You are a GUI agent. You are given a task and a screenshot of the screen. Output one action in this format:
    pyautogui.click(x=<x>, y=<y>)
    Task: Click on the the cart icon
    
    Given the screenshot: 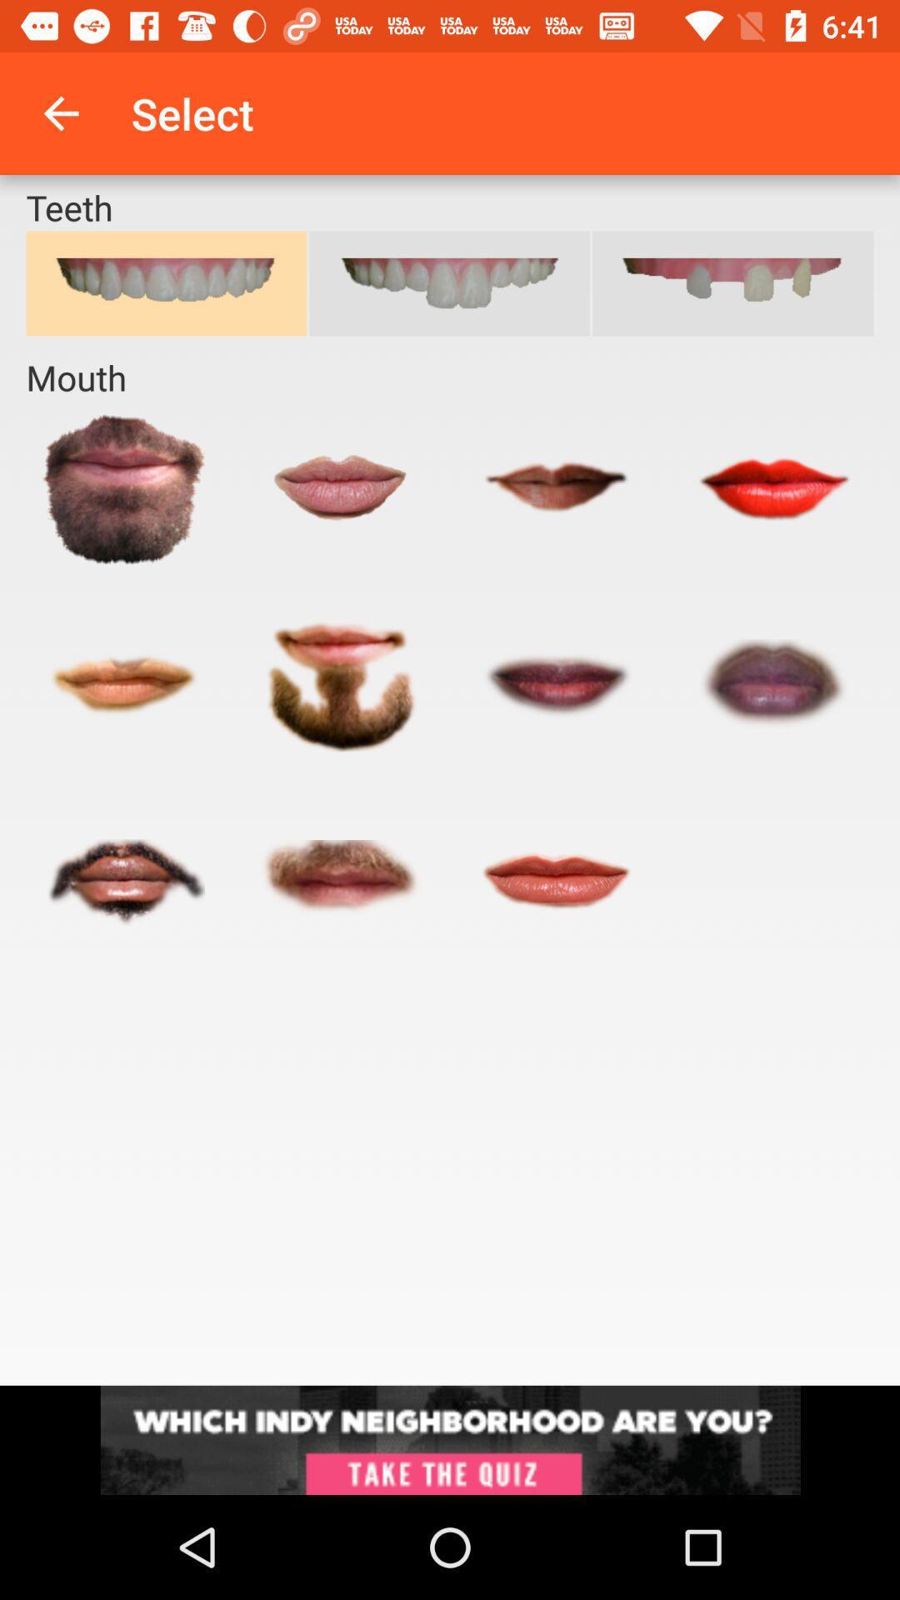 What is the action you would take?
    pyautogui.click(x=732, y=283)
    